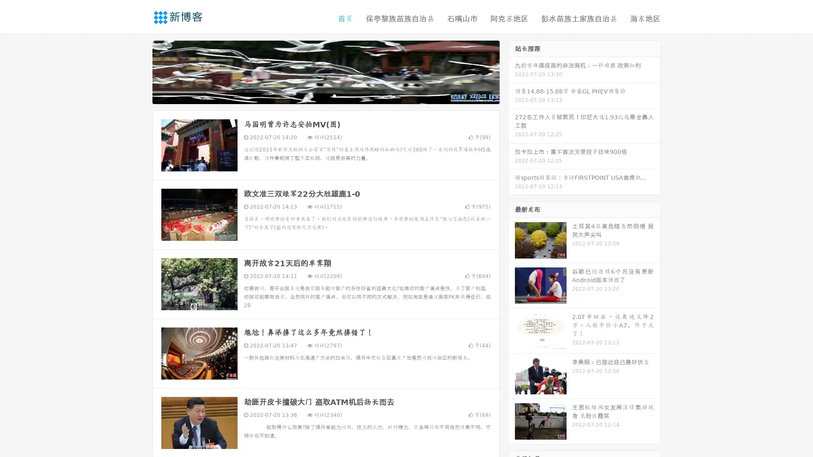 This screenshot has width=813, height=457. Describe the element at coordinates (512, 71) in the screenshot. I see `Next slide` at that location.